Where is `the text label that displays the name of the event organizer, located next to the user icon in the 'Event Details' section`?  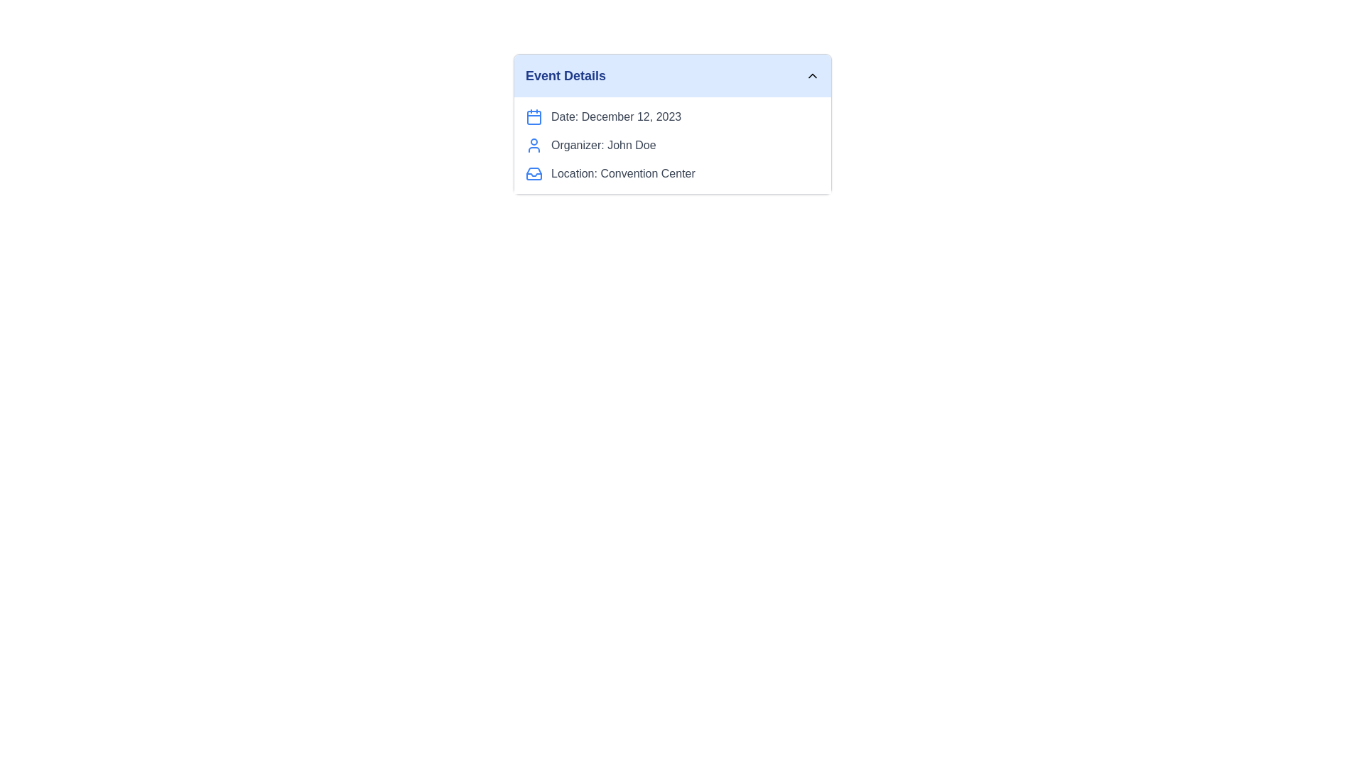 the text label that displays the name of the event organizer, located next to the user icon in the 'Event Details' section is located at coordinates (603, 145).